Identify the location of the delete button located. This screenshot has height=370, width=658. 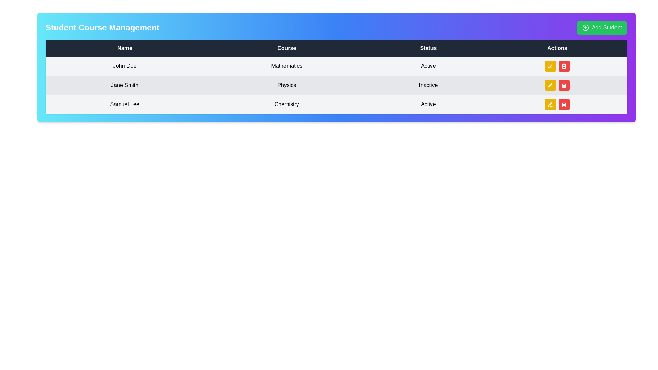
(564, 104).